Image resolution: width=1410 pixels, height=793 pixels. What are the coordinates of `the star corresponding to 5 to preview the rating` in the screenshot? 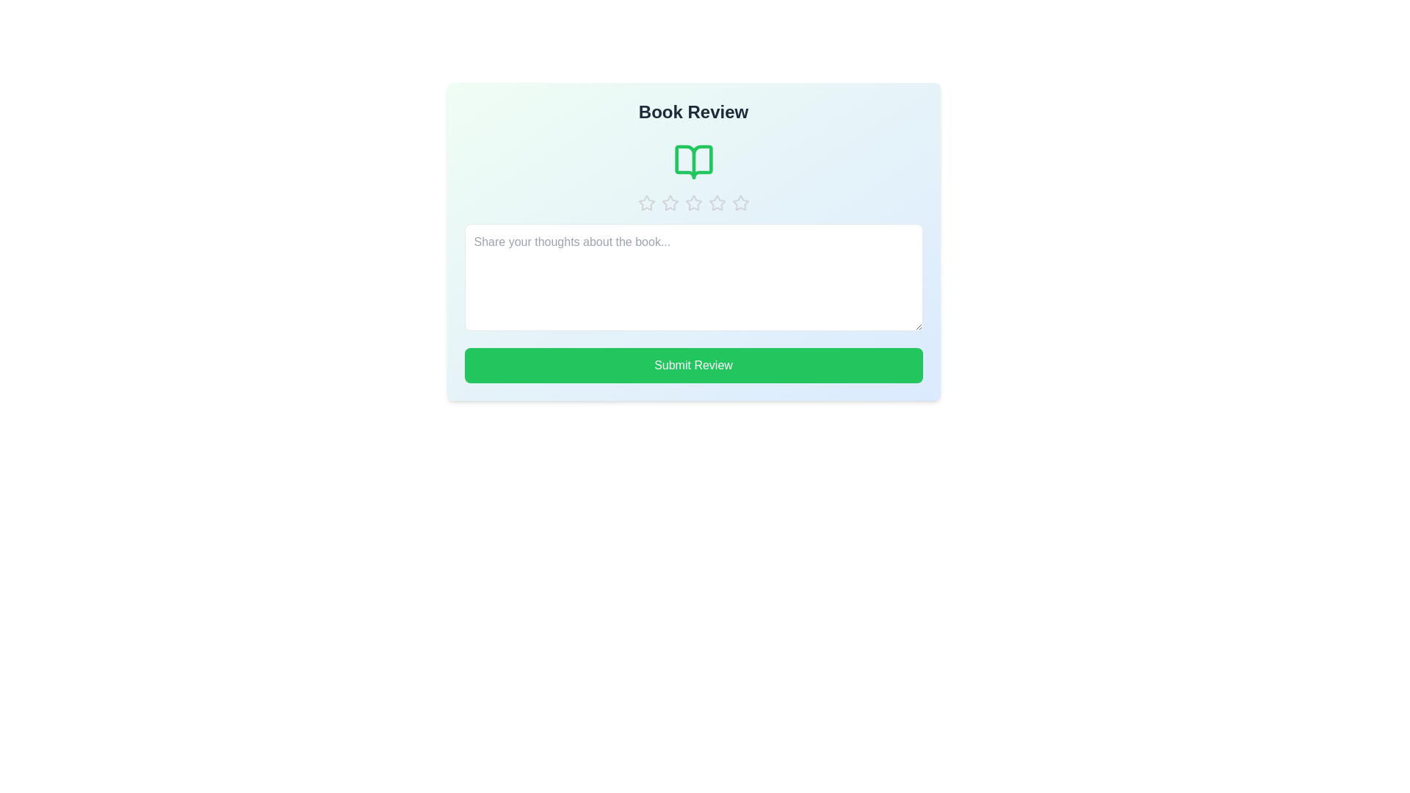 It's located at (740, 203).